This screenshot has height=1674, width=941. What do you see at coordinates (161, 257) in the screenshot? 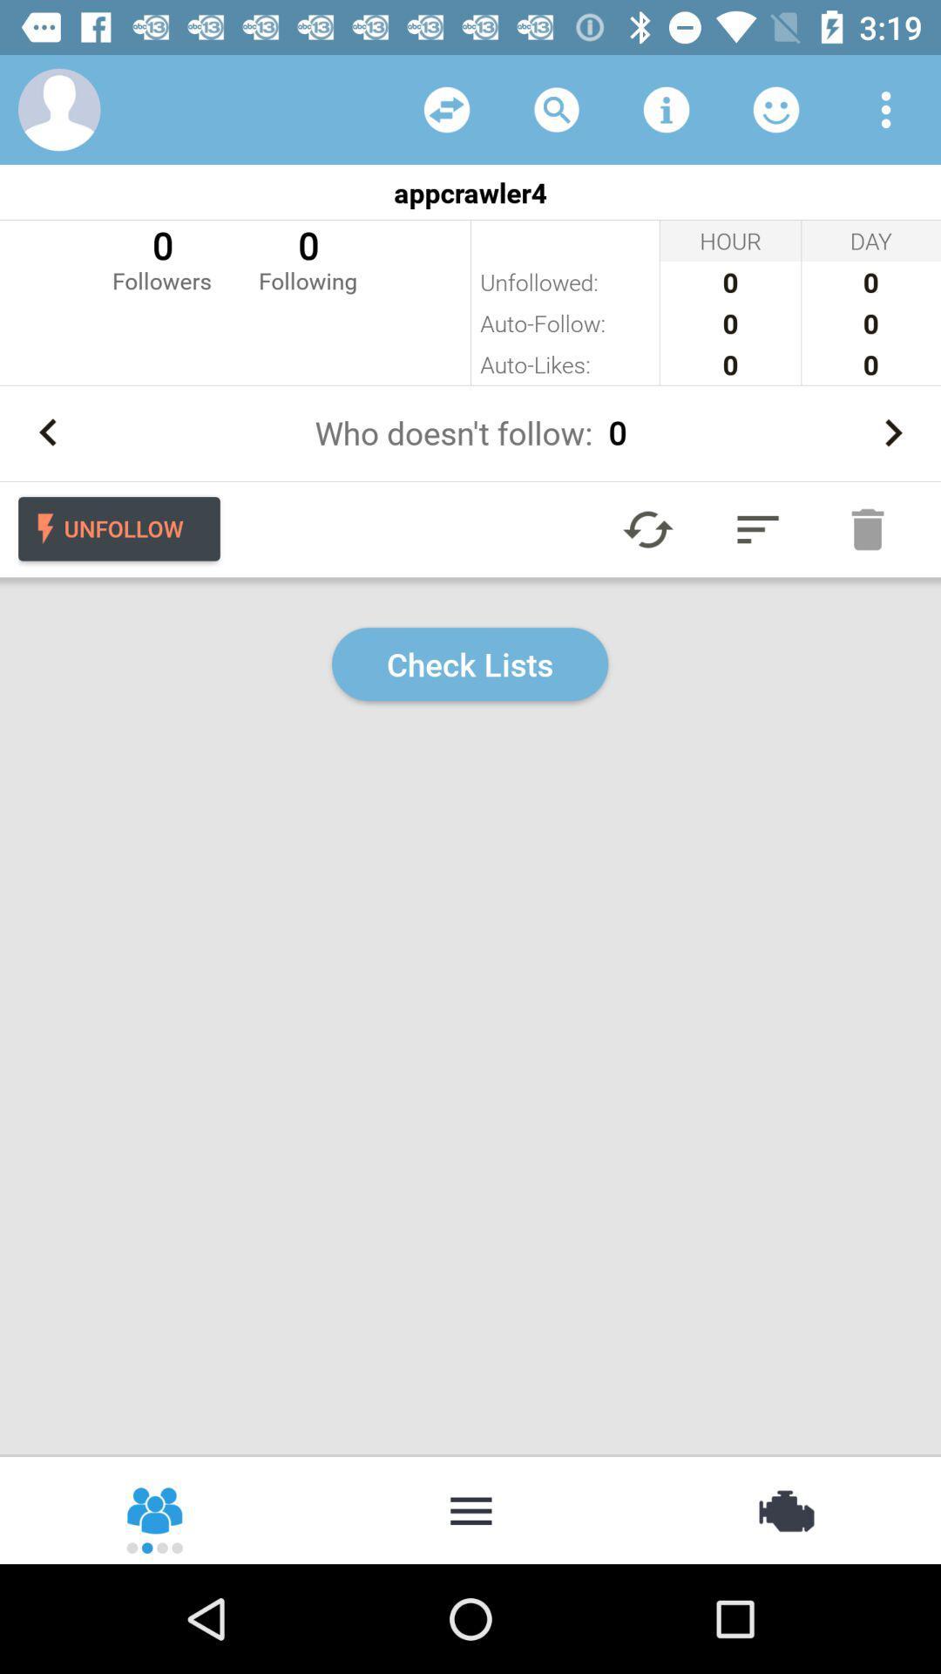
I see `the 0` at bounding box center [161, 257].